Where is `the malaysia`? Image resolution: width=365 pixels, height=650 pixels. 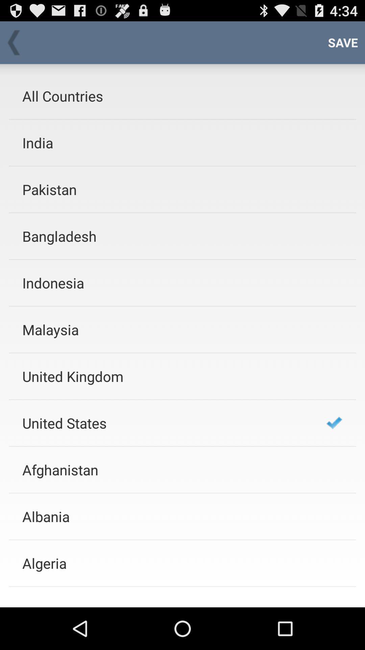 the malaysia is located at coordinates (165, 329).